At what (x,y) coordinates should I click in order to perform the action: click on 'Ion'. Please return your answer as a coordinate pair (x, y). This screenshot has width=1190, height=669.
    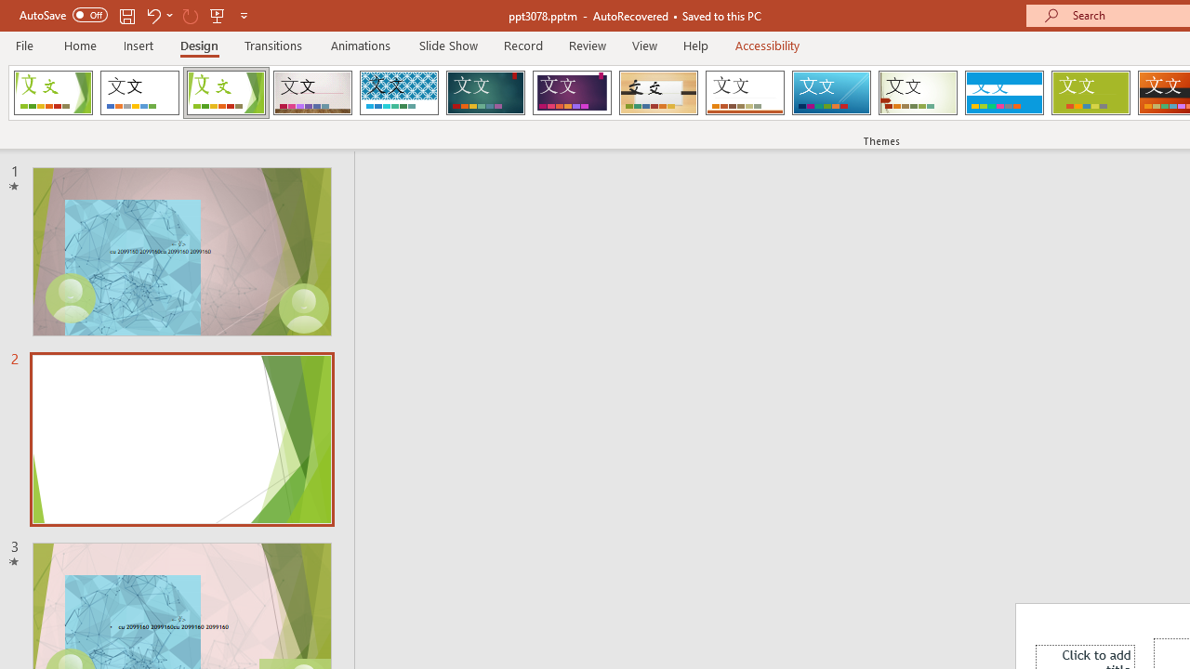
    Looking at the image, I should click on (485, 93).